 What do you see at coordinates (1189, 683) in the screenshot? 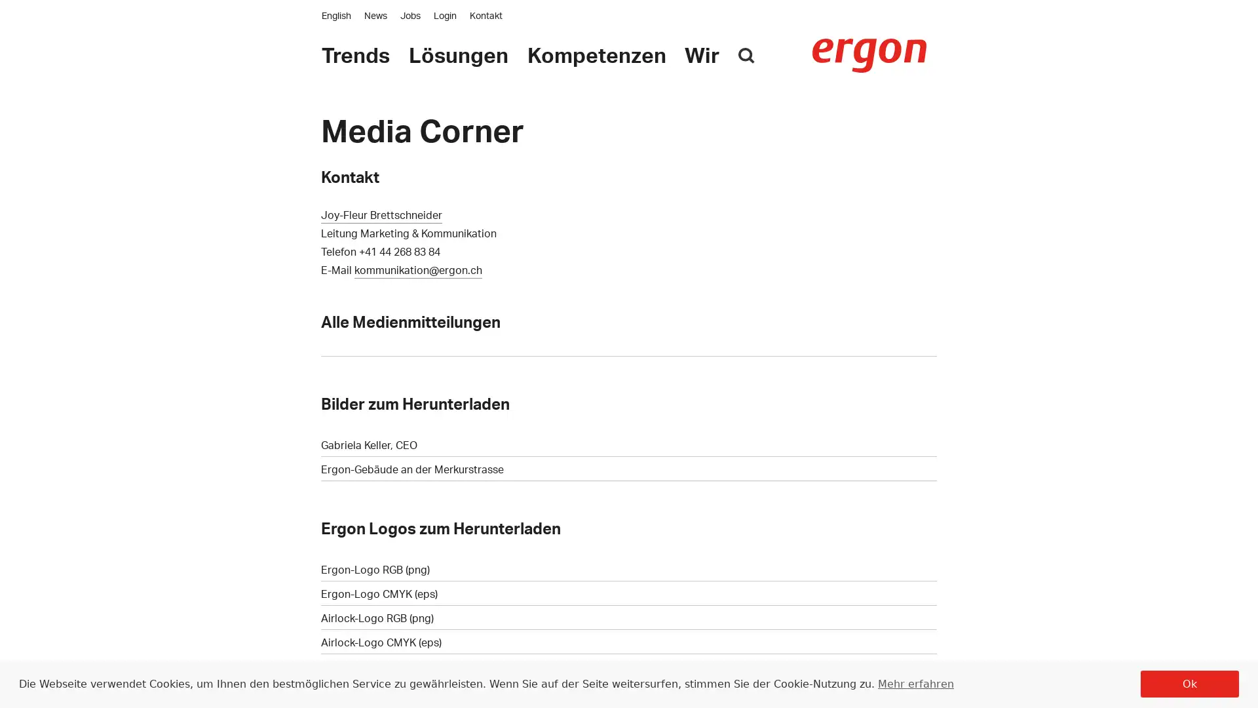
I see `dismiss cookie message` at bounding box center [1189, 683].